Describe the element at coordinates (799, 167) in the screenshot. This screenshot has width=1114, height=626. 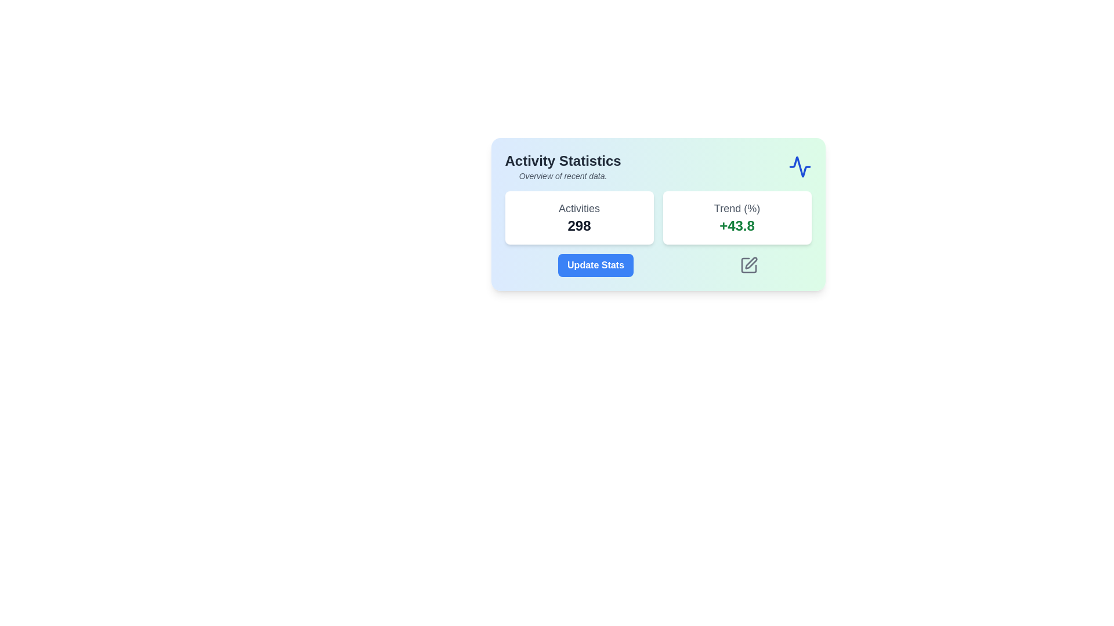
I see `the icon located at the top right corner of the card-like interface, which represents activity or a trend related to the statistics shown` at that location.